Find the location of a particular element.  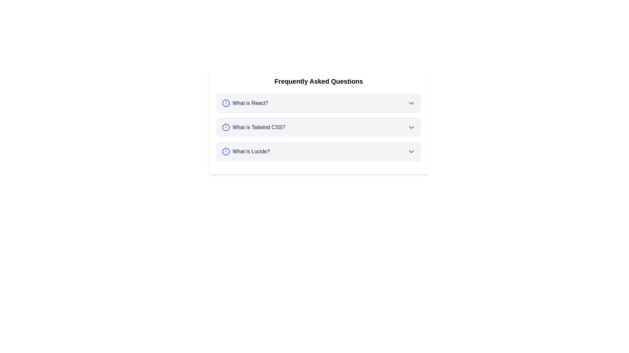

the toggle button labeled 'What is Tailwind CSS?' is located at coordinates (319, 127).